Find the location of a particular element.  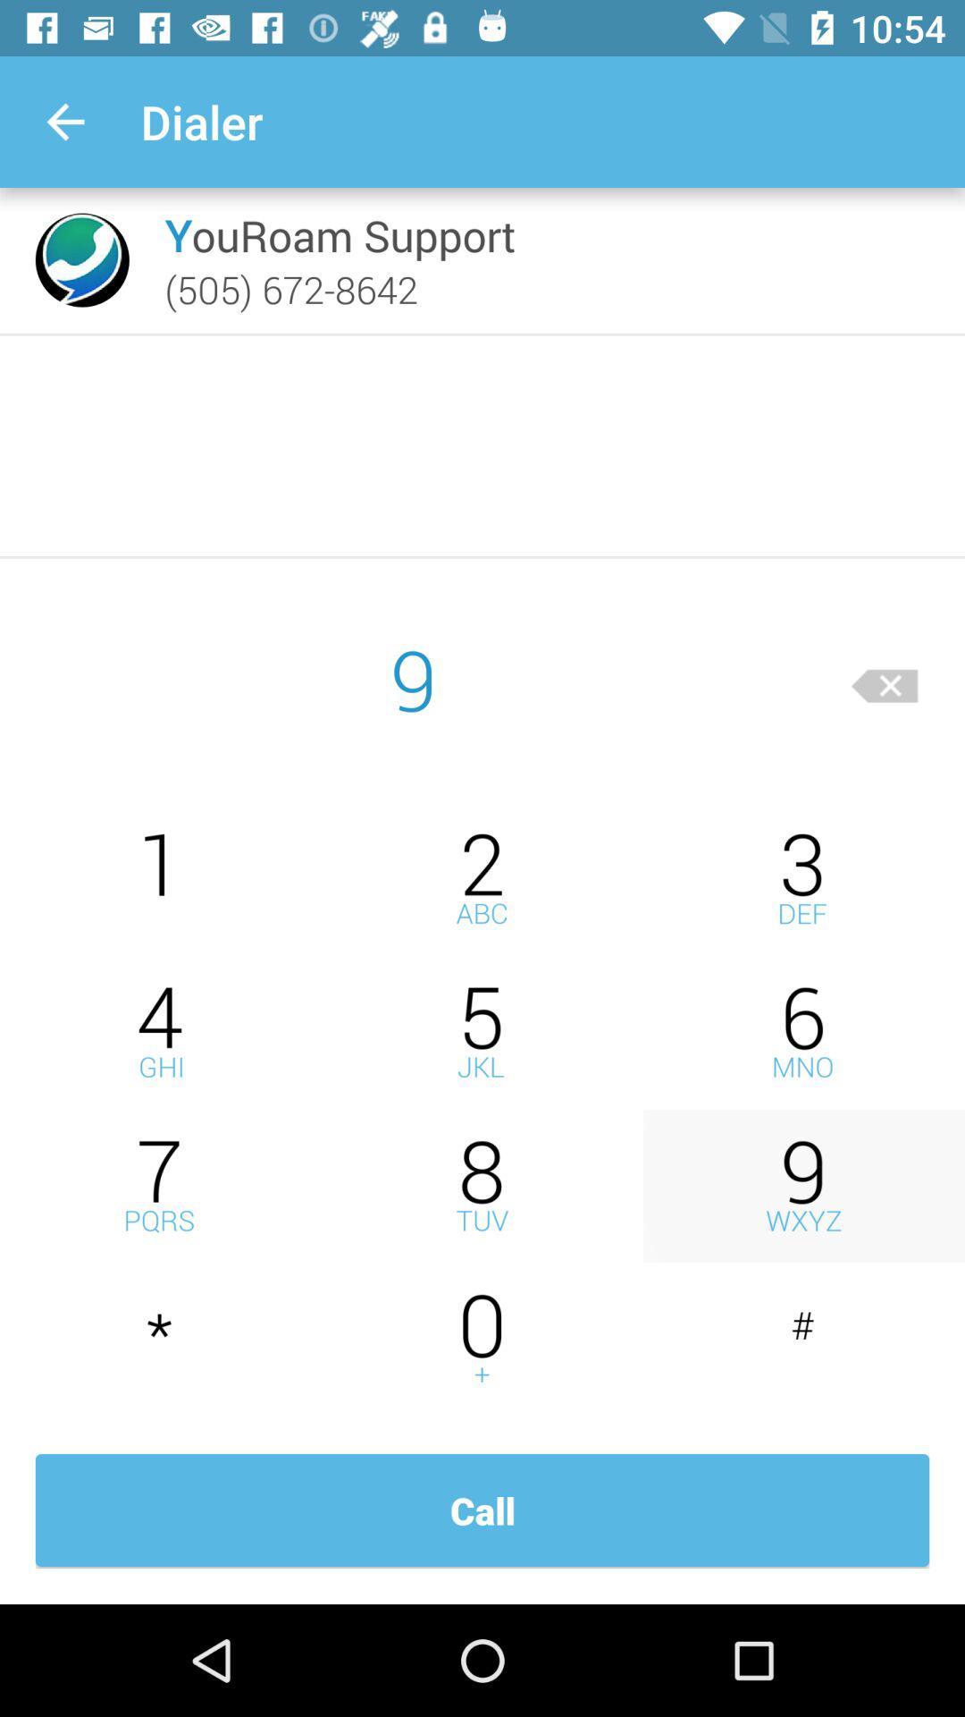

dial pad button for asterisk key is located at coordinates (161, 1340).